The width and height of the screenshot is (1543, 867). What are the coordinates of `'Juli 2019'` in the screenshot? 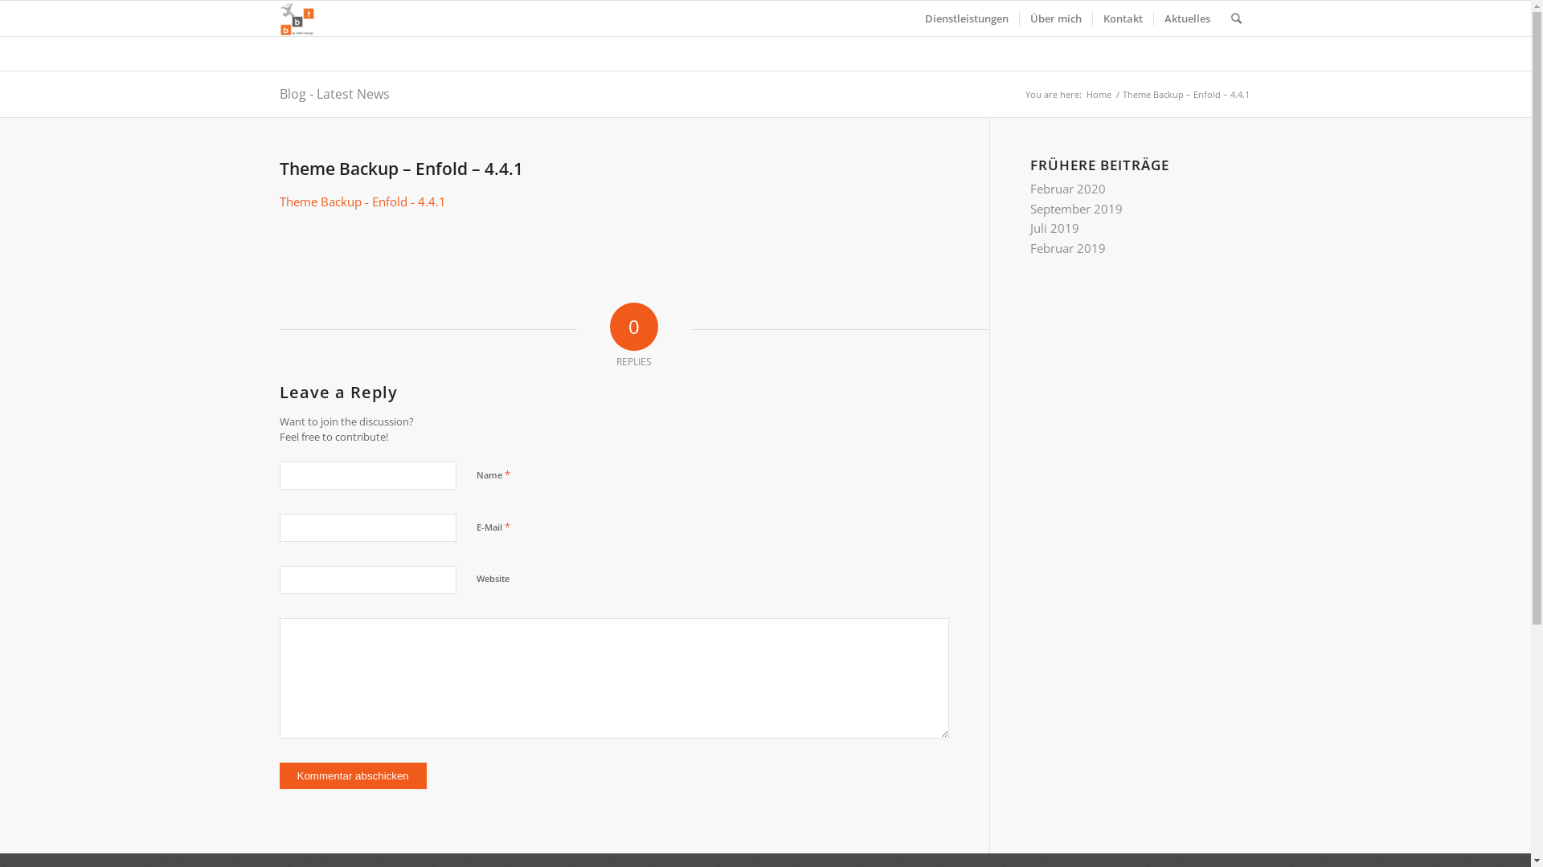 It's located at (1054, 228).